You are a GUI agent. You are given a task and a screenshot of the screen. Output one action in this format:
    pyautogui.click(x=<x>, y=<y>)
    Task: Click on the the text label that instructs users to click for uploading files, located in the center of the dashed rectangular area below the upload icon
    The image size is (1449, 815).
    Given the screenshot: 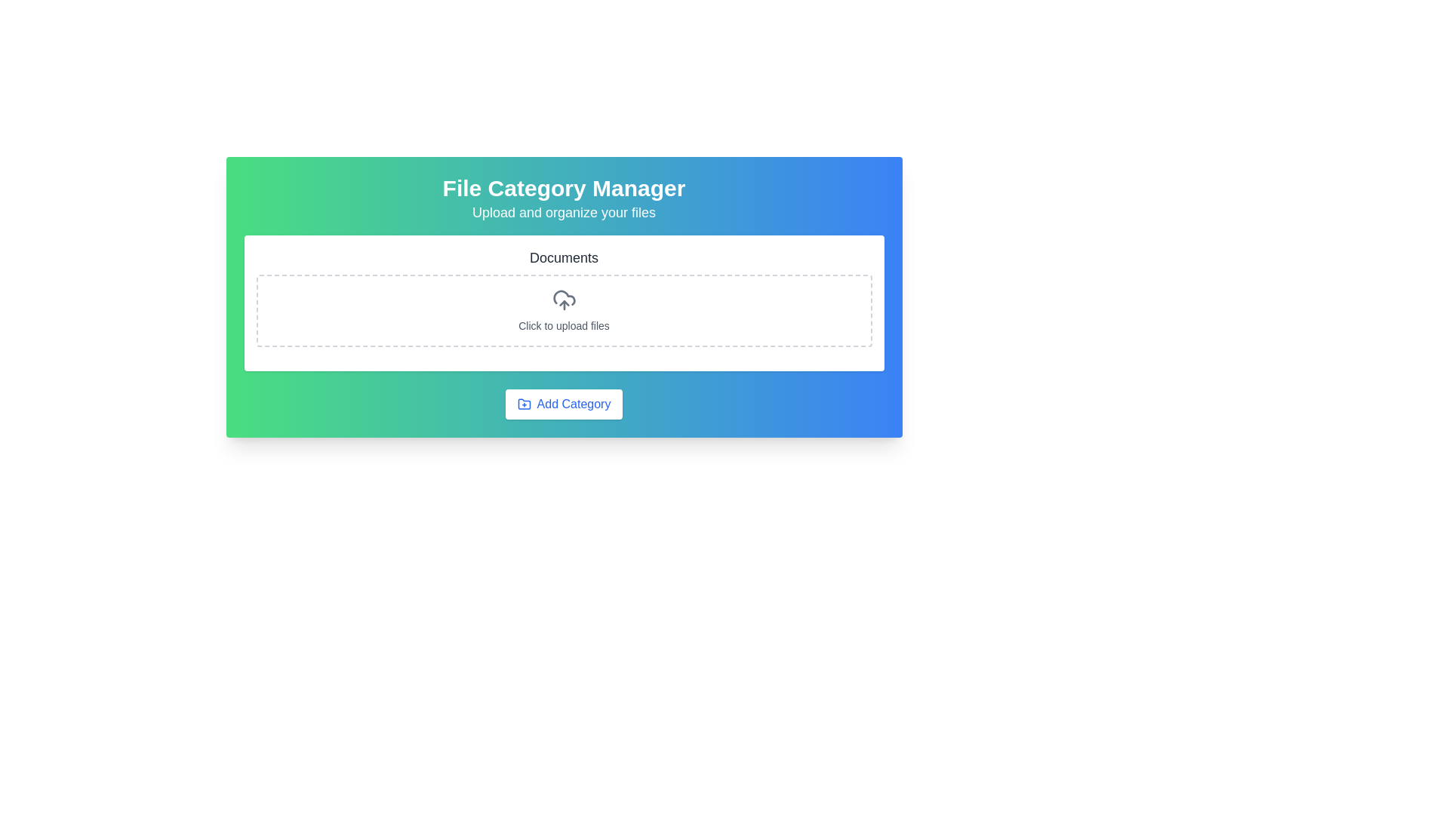 What is the action you would take?
    pyautogui.click(x=563, y=325)
    